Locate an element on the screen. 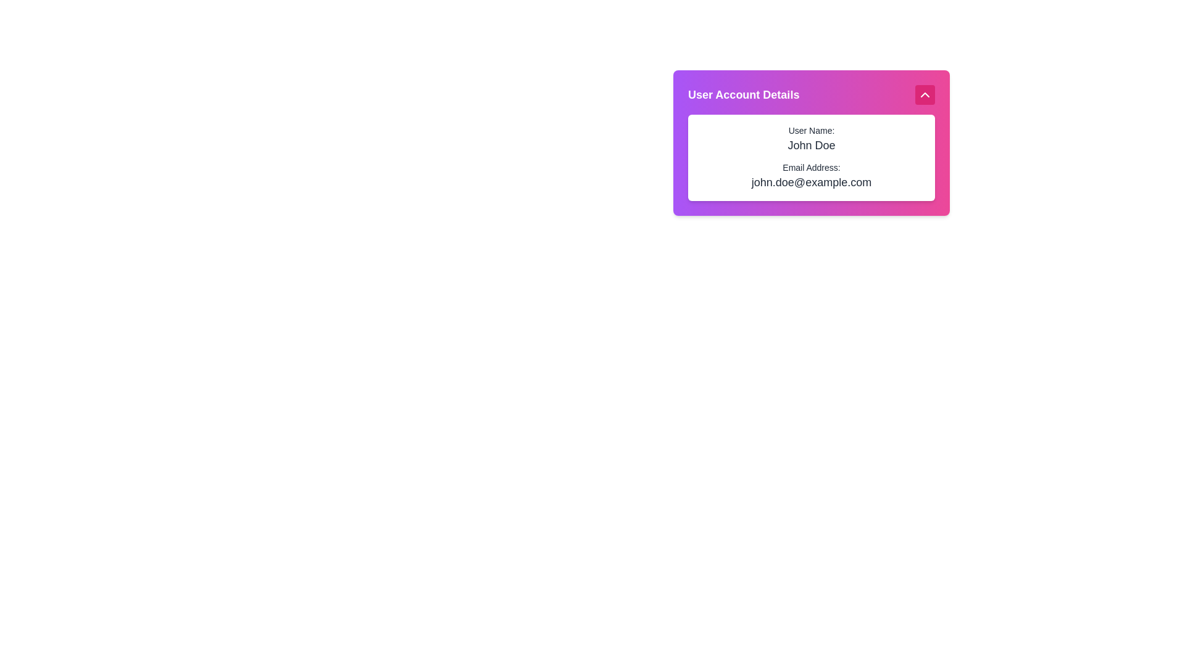 This screenshot has width=1185, height=666. the Text label that provides context for the email address, located in the User Account Details panel, positioned above the email address 'john.doe@example.com' is located at coordinates (812, 168).